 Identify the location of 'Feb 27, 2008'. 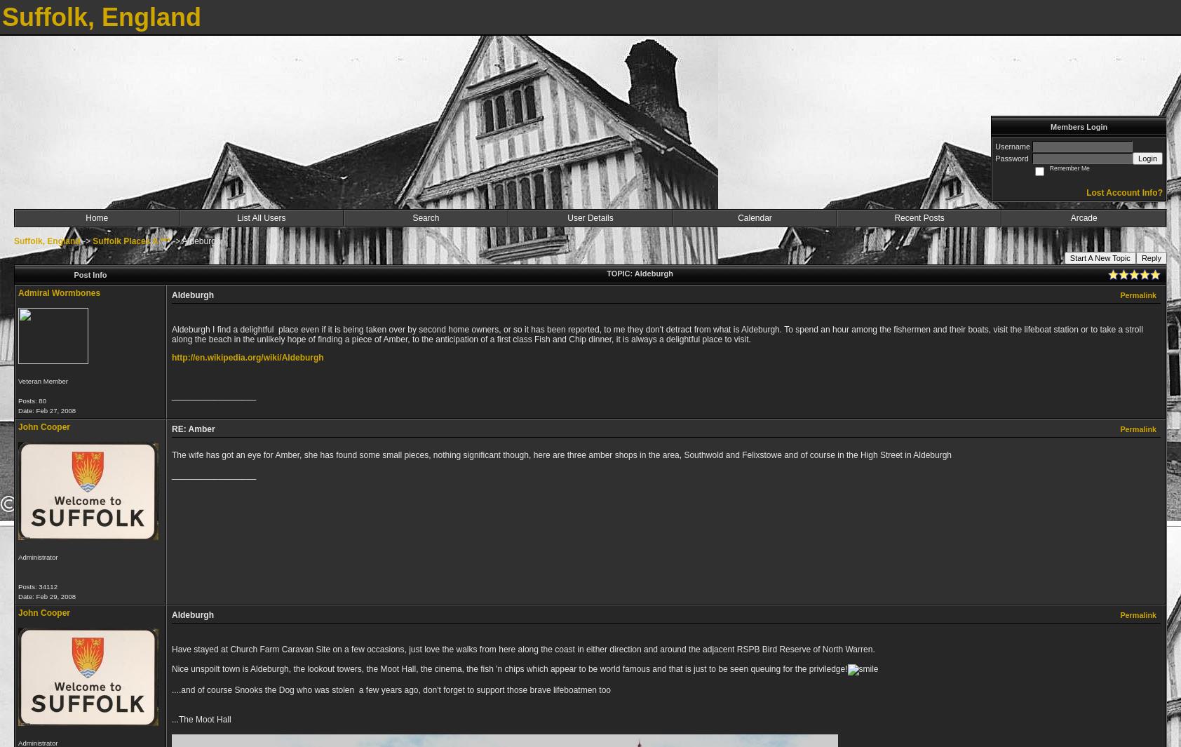
(55, 410).